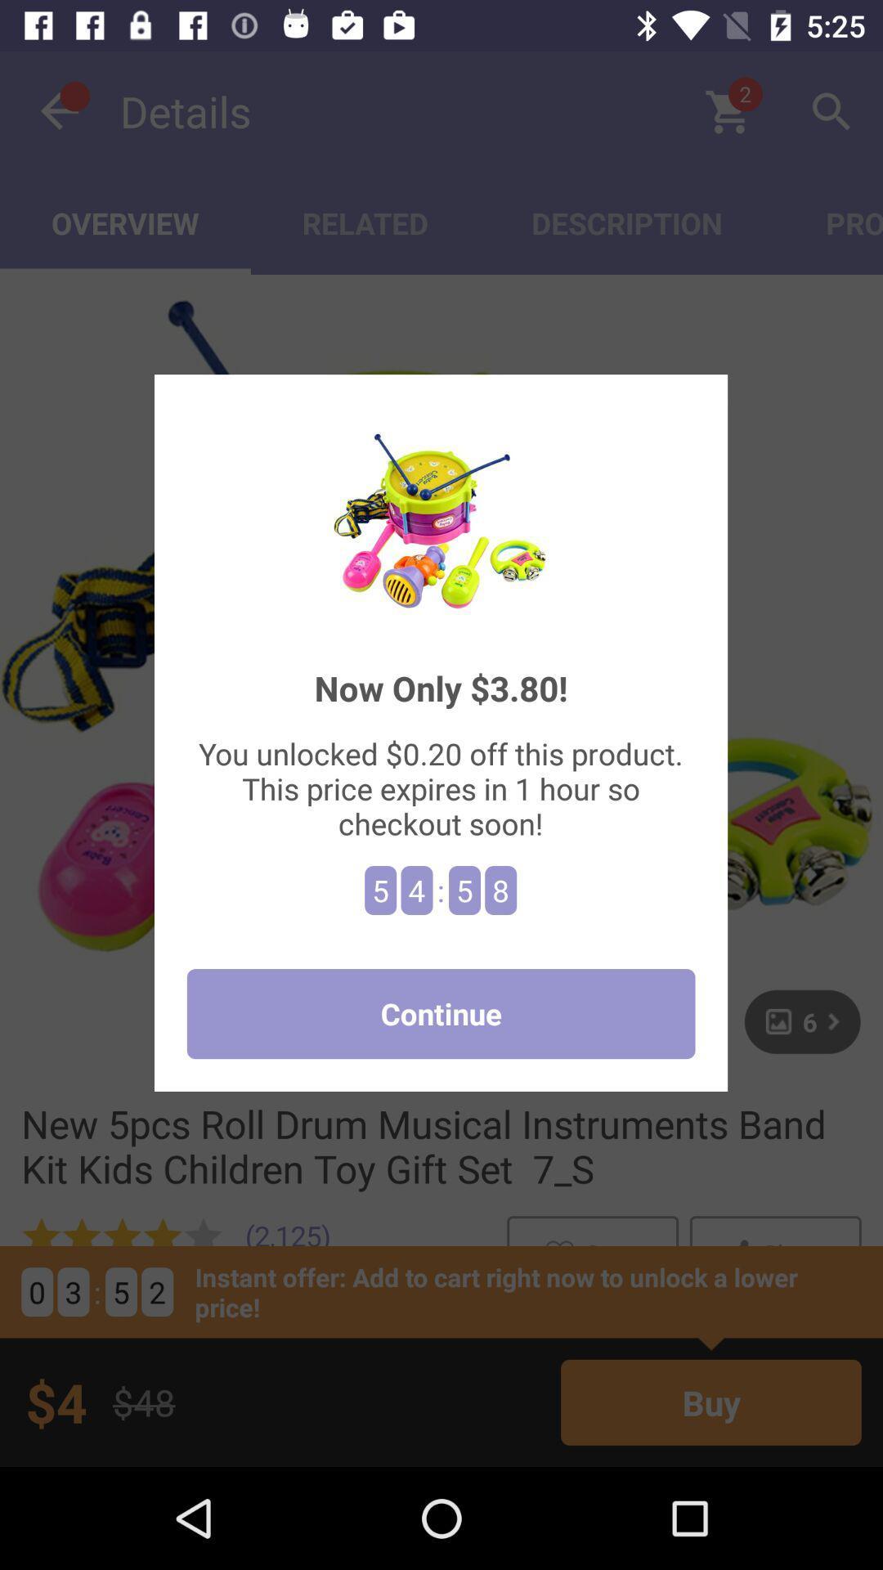 The image size is (883, 1570). I want to click on the item below the 5 item, so click(440, 1013).